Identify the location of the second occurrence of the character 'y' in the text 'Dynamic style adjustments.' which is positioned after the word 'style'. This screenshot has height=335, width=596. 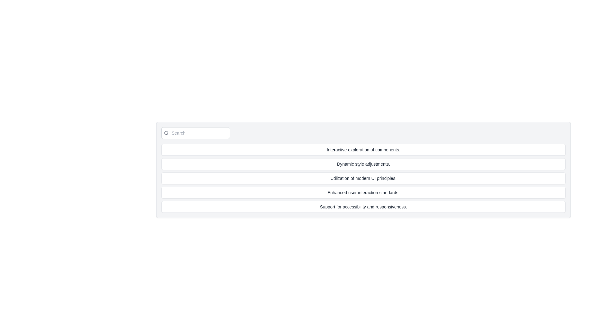
(359, 163).